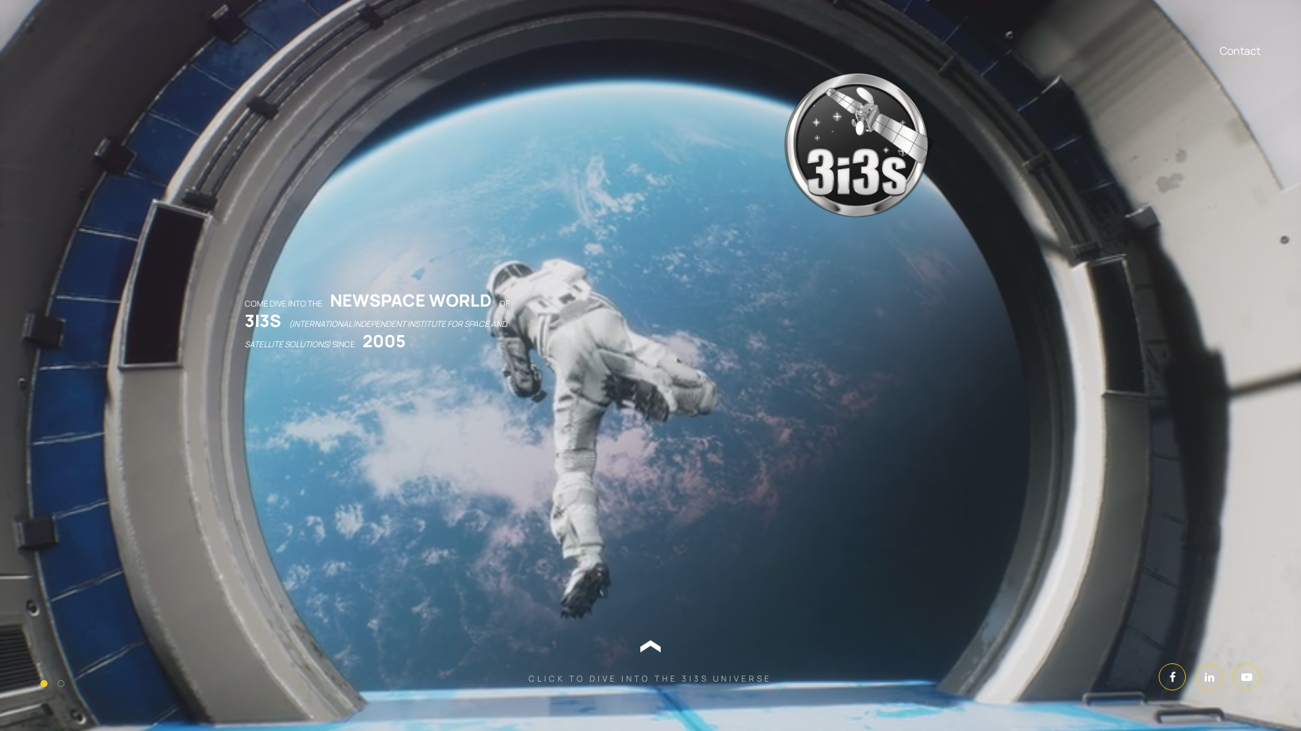 The width and height of the screenshot is (1301, 731). What do you see at coordinates (1239, 50) in the screenshot?
I see `'Contact'` at bounding box center [1239, 50].